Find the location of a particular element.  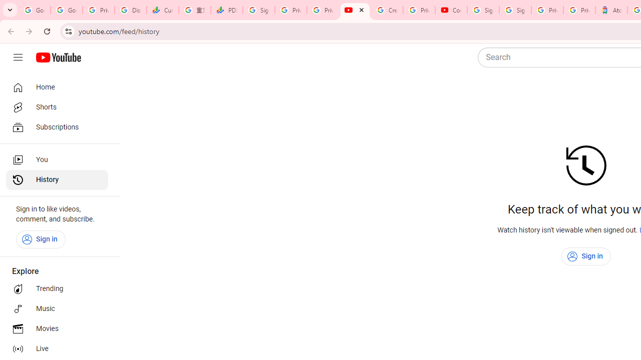

'Shorts' is located at coordinates (56, 107).